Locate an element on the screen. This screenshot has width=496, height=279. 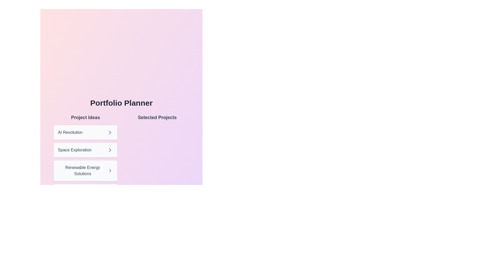
right arrow next to the project idea 'Renewable Energy Solutions' to move it to 'Selected Projects' is located at coordinates (110, 171).